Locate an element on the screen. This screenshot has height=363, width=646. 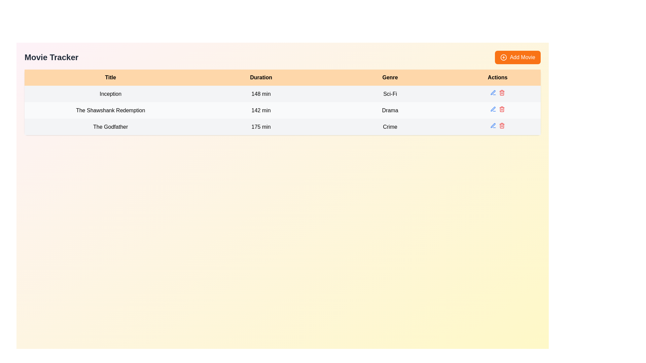
the text label displaying the genre 'Drama' for the movie 'The Shawshank Redemption' in the third column of the table is located at coordinates (390, 110).